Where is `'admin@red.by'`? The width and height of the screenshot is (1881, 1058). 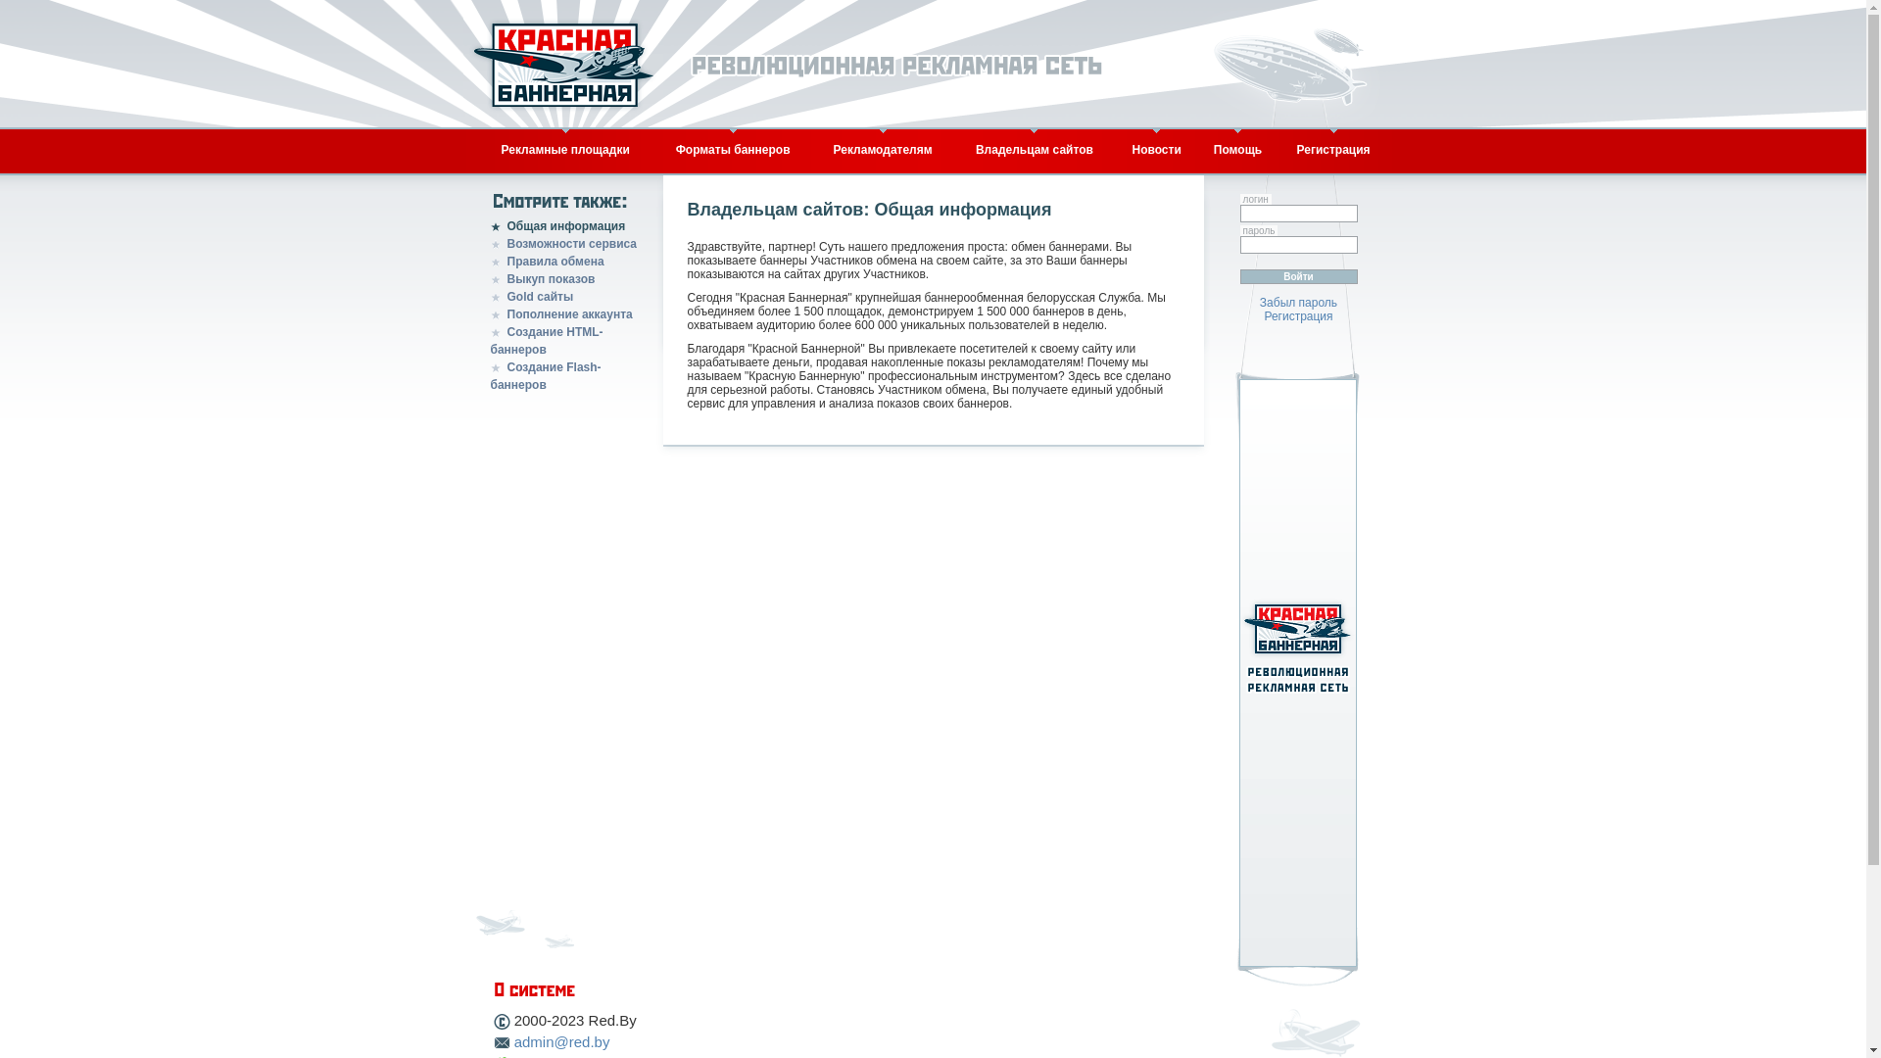
'admin@red.by' is located at coordinates (513, 1040).